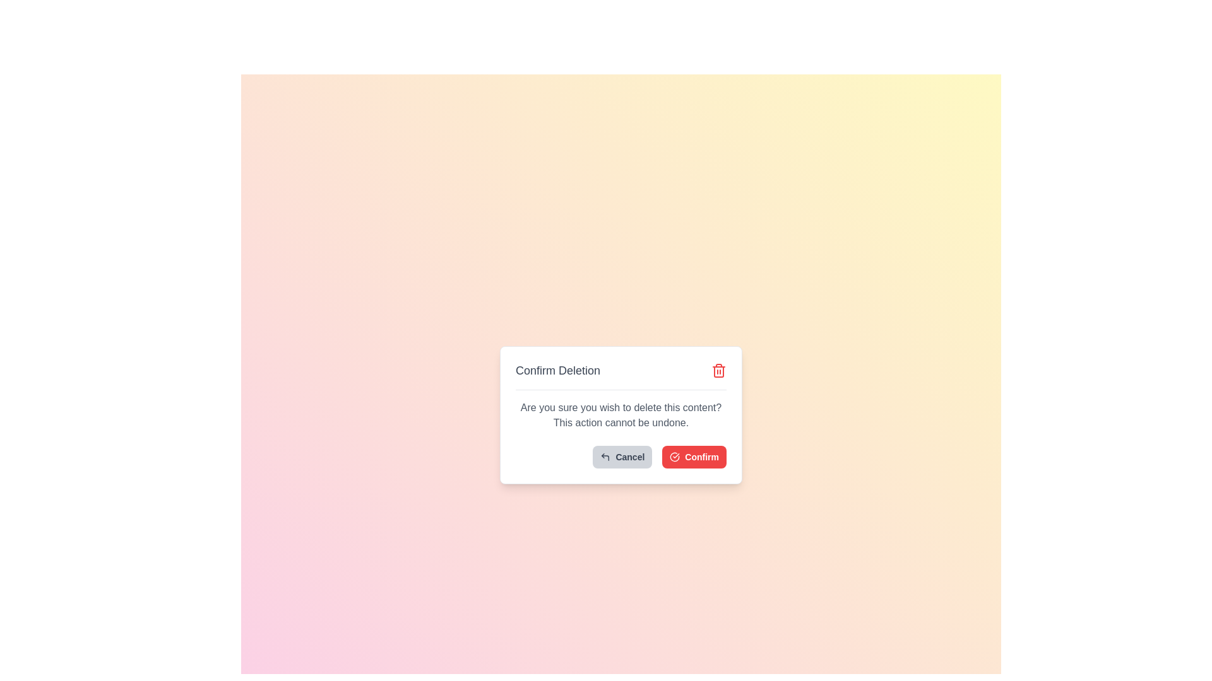 The height and width of the screenshot is (681, 1212). I want to click on the trash can icon in the upper-right corner of the 'Confirm Deletion' dialog, which is marked in bold red color and indicates delete functionality, so click(718, 370).